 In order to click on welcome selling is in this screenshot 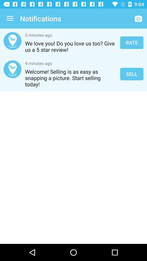, I will do `click(71, 77)`.